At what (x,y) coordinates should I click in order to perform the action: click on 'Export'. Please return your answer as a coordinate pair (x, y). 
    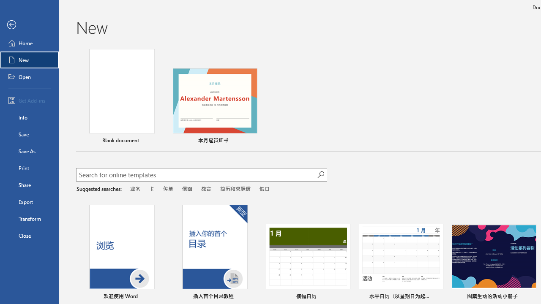
    Looking at the image, I should click on (29, 202).